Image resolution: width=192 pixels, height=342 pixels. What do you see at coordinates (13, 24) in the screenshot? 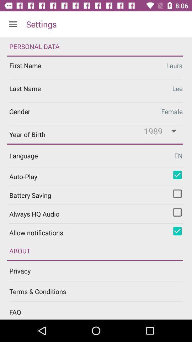
I see `icon next to settings` at bounding box center [13, 24].